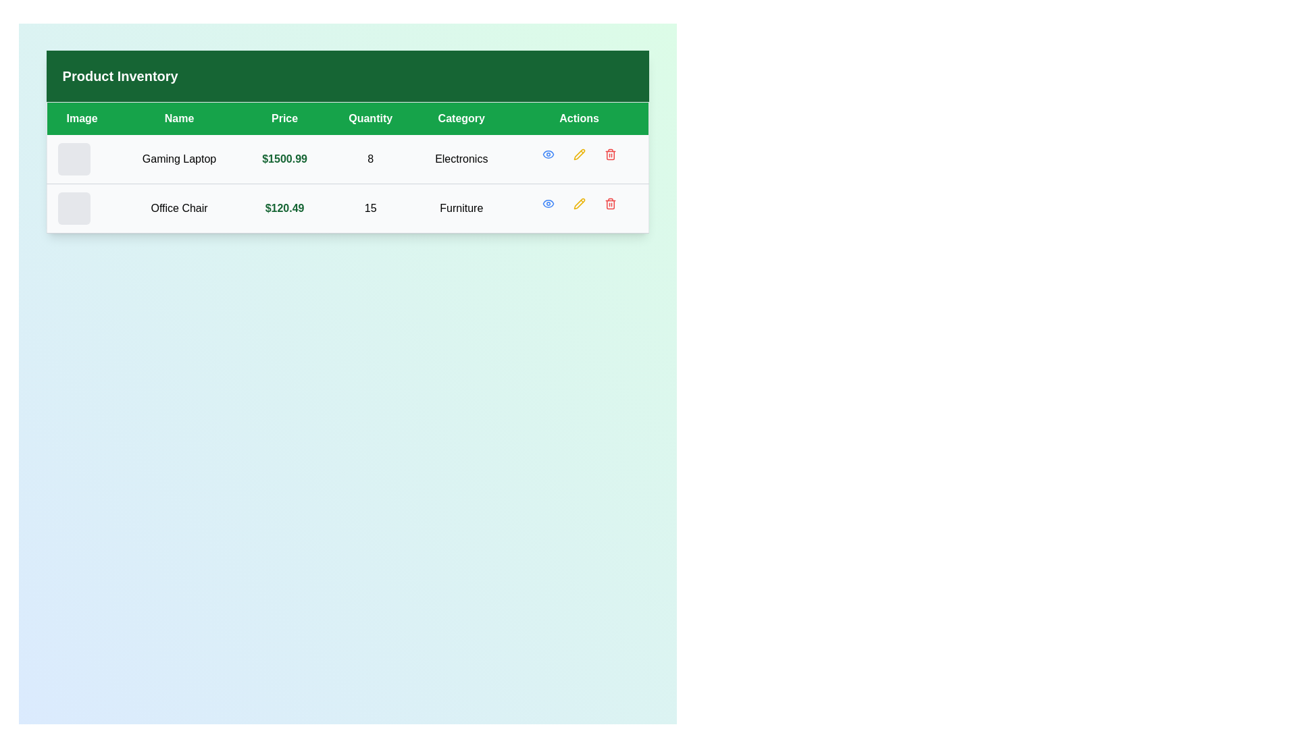 The height and width of the screenshot is (729, 1297). Describe the element at coordinates (347, 167) in the screenshot. I see `items in the product inventory table if checkmarks are provided by clicking on the specified center point of the table` at that location.